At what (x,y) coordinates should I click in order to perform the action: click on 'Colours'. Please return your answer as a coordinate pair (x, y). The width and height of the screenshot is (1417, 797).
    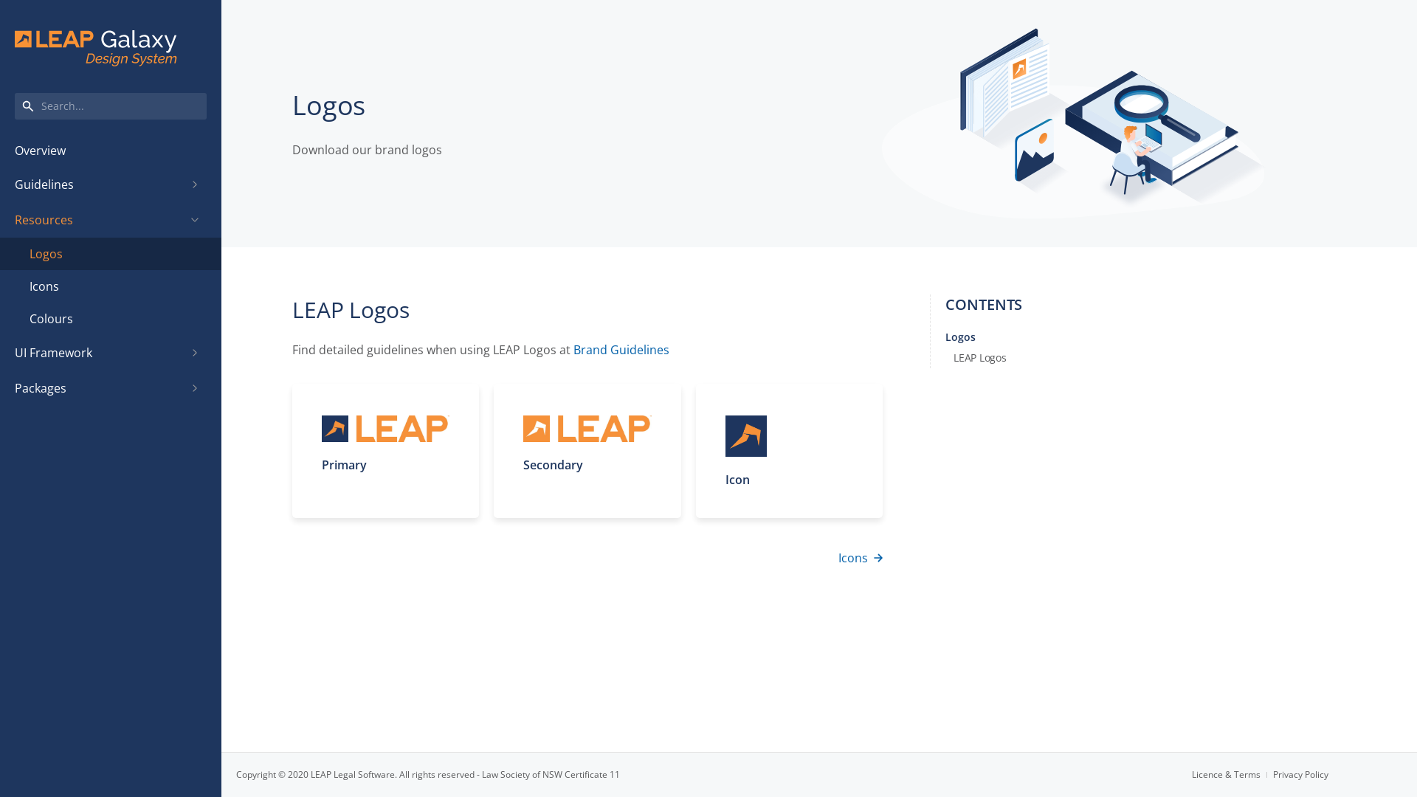
    Looking at the image, I should click on (109, 318).